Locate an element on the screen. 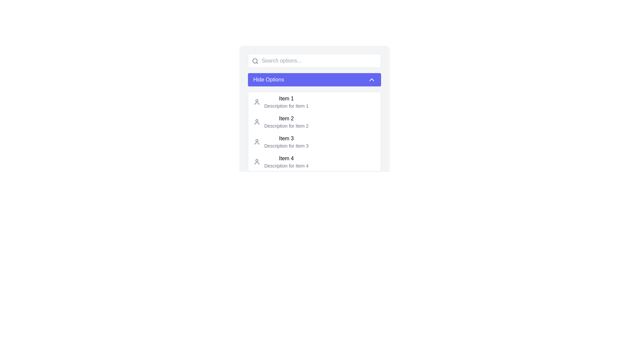 This screenshot has width=639, height=359. the toggle button located below the search input field to prepare for interaction by moving the cursor to its center point is located at coordinates (314, 79).